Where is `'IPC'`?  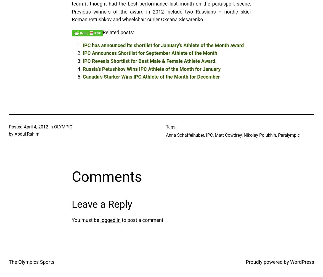 'IPC' is located at coordinates (205, 135).